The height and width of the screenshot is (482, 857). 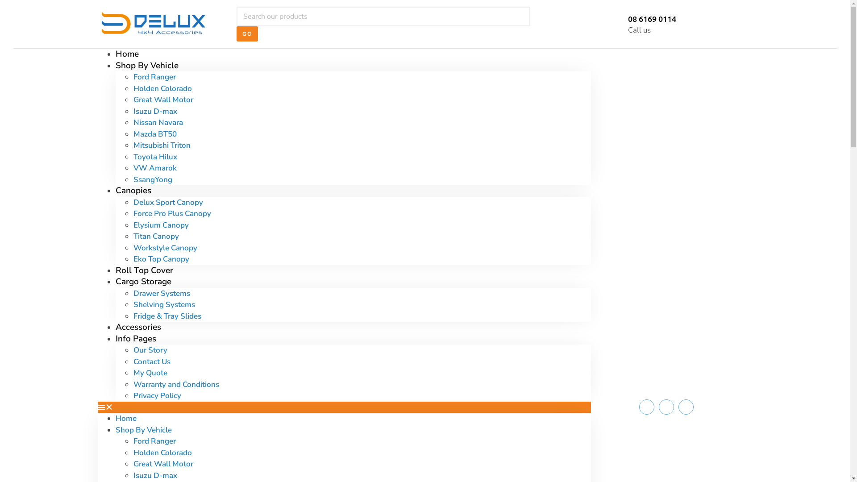 I want to click on 'Great Wall Motor', so click(x=162, y=100).